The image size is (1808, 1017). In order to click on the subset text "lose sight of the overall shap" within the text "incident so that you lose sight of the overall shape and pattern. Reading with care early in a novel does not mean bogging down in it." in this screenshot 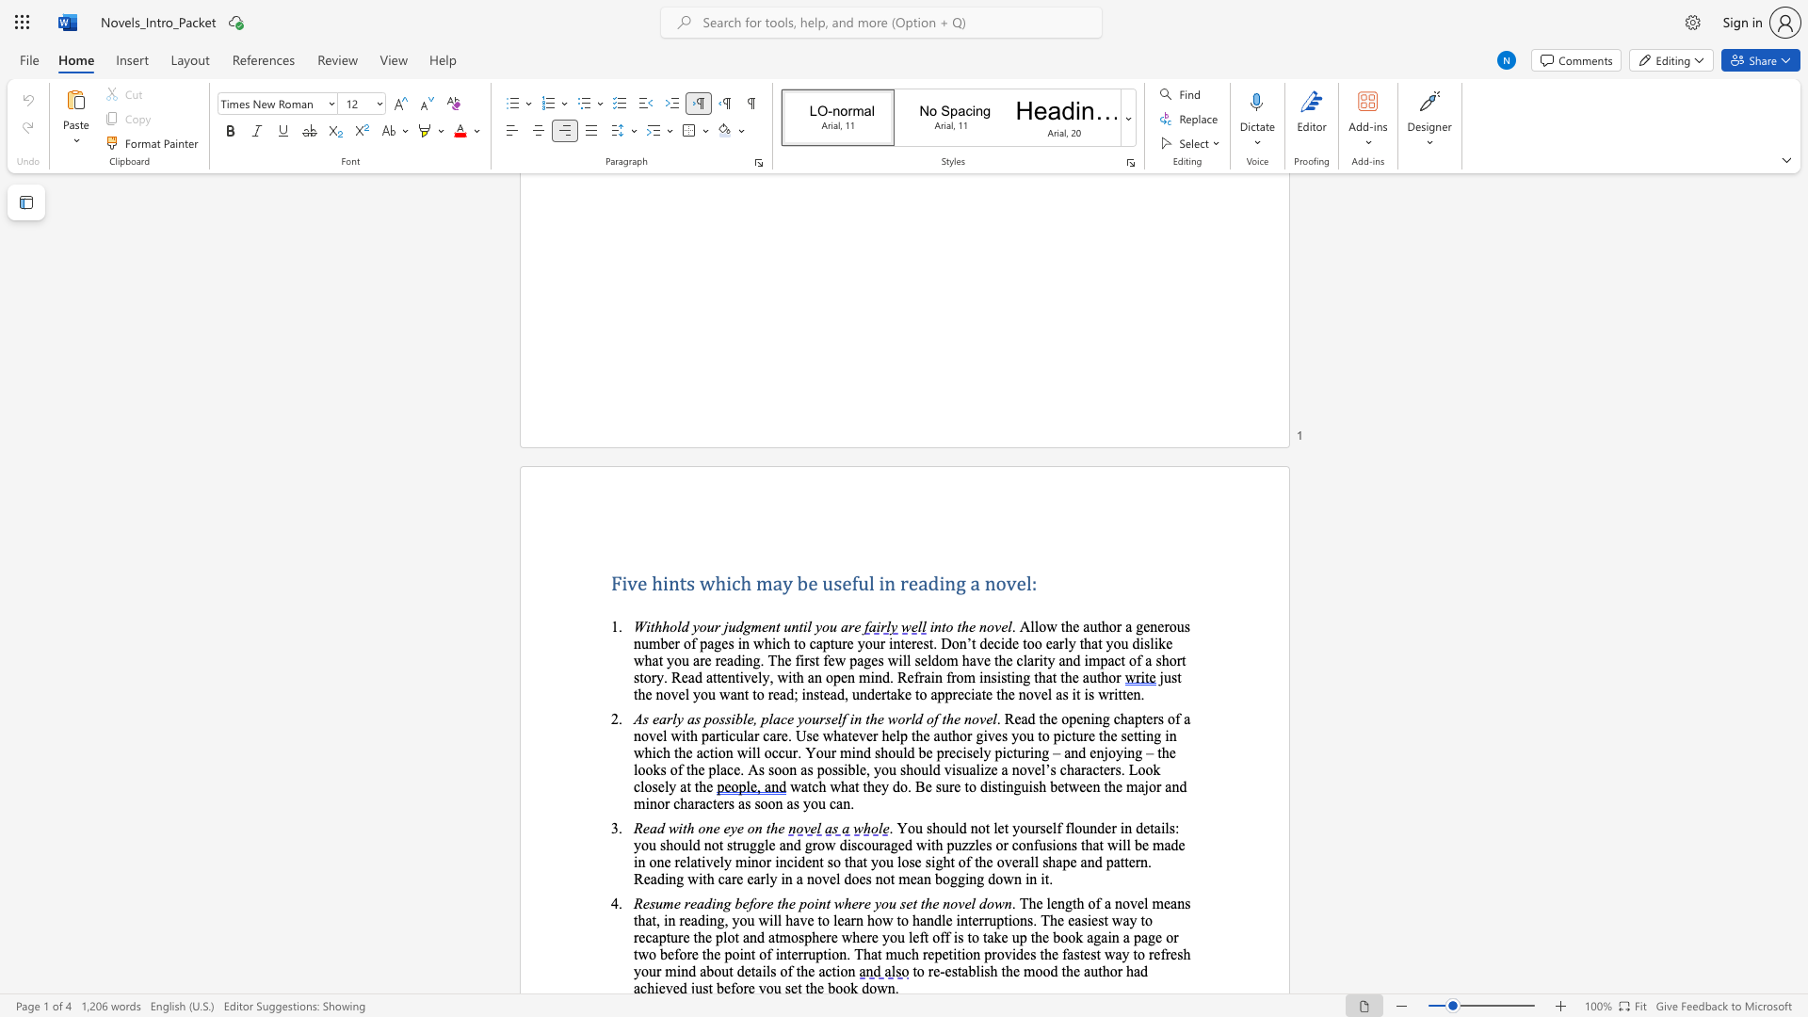, I will do `click(896, 862)`.